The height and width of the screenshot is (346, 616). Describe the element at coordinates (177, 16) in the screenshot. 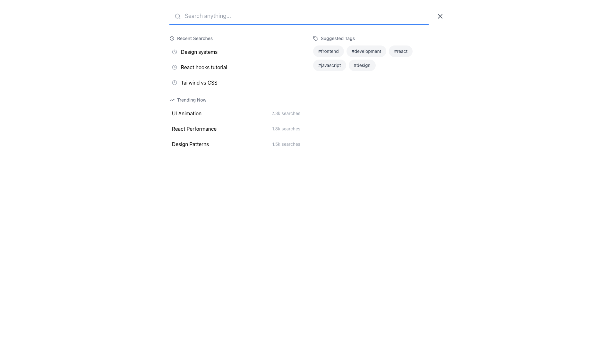

I see `the Search Icon located at the left side of the search bar, vertically aligned in the middle of the input area` at that location.